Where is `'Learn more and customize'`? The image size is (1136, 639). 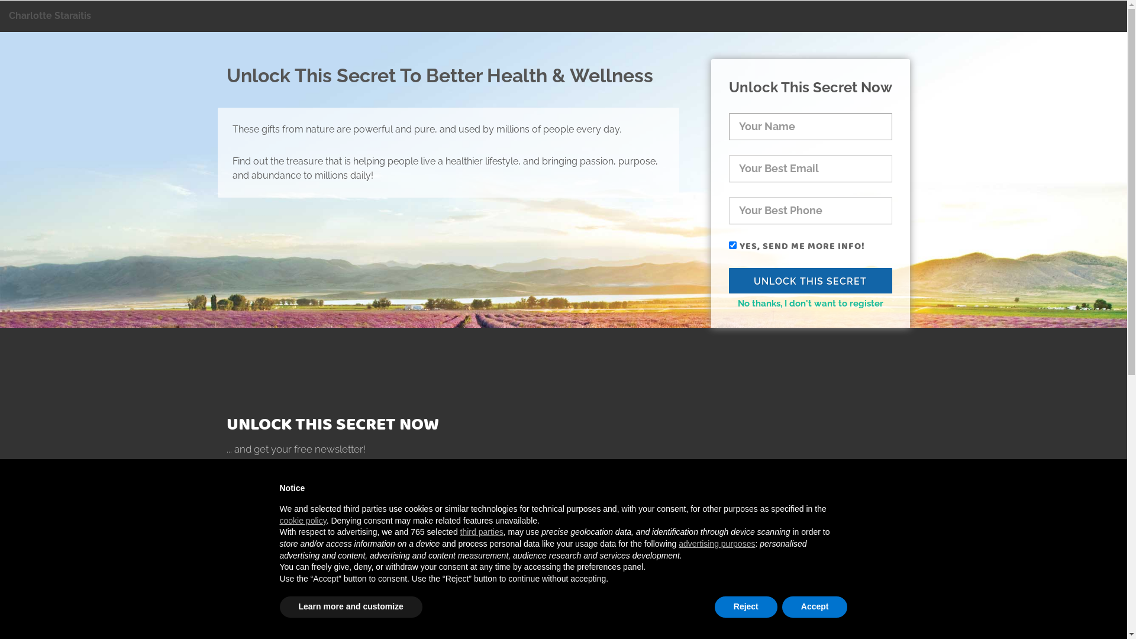 'Learn more and customize' is located at coordinates (350, 607).